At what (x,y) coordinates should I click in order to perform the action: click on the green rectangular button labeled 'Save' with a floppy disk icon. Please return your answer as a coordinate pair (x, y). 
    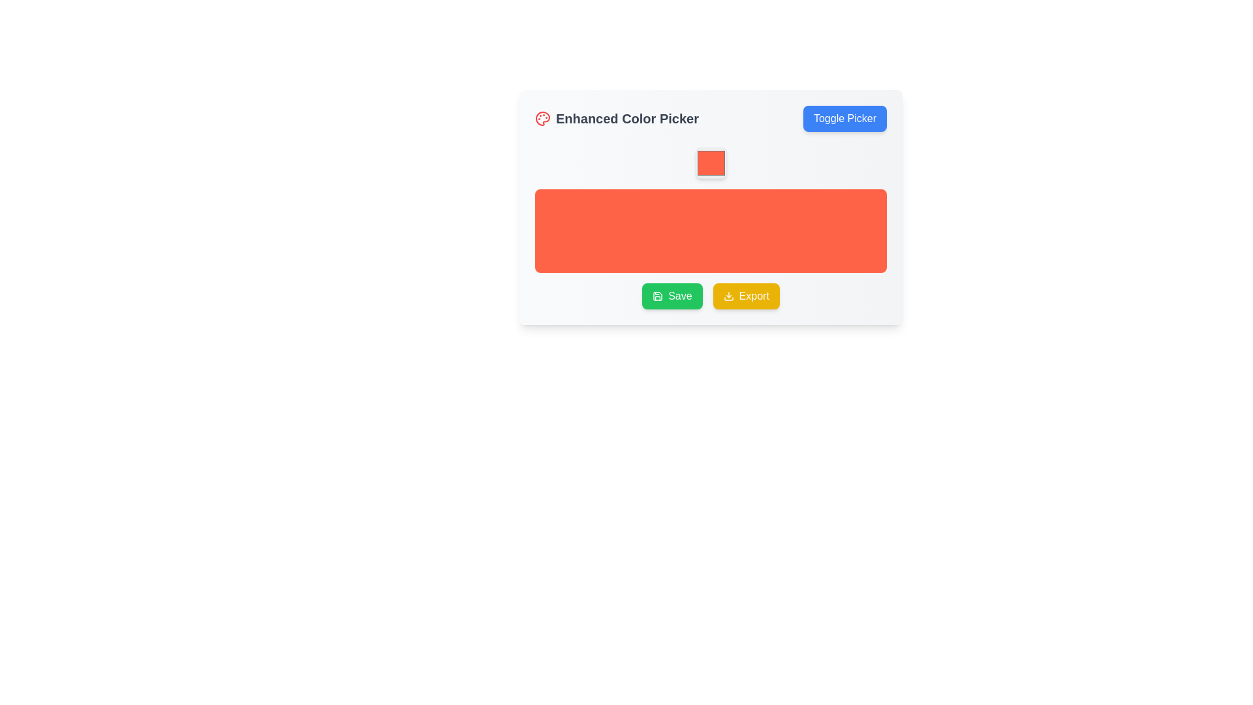
    Looking at the image, I should click on (672, 296).